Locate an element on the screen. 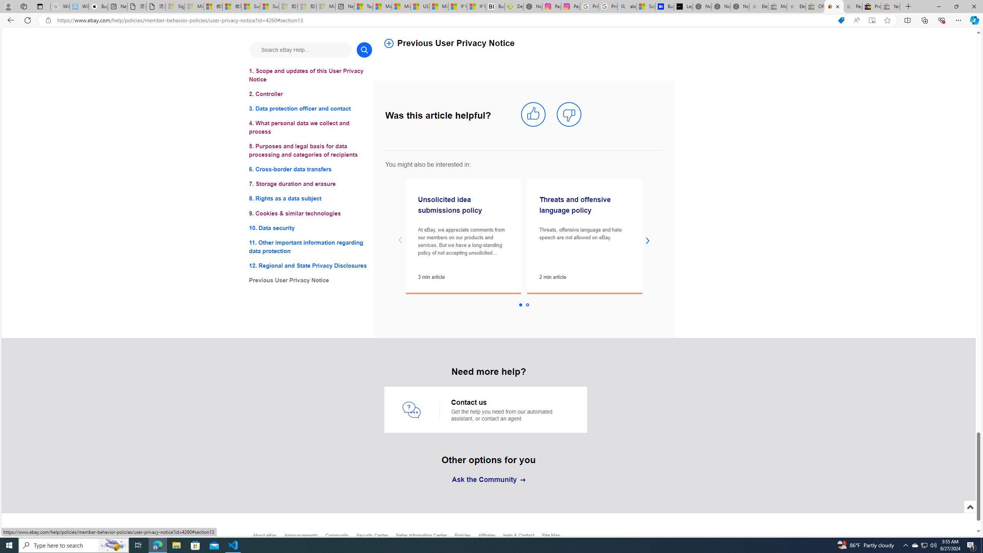 The image size is (983, 553). '8. Rights as a data subject' is located at coordinates (310, 198).